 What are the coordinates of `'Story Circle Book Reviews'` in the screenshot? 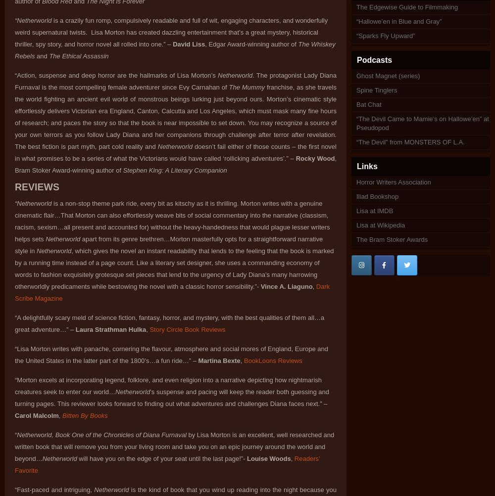 It's located at (187, 329).